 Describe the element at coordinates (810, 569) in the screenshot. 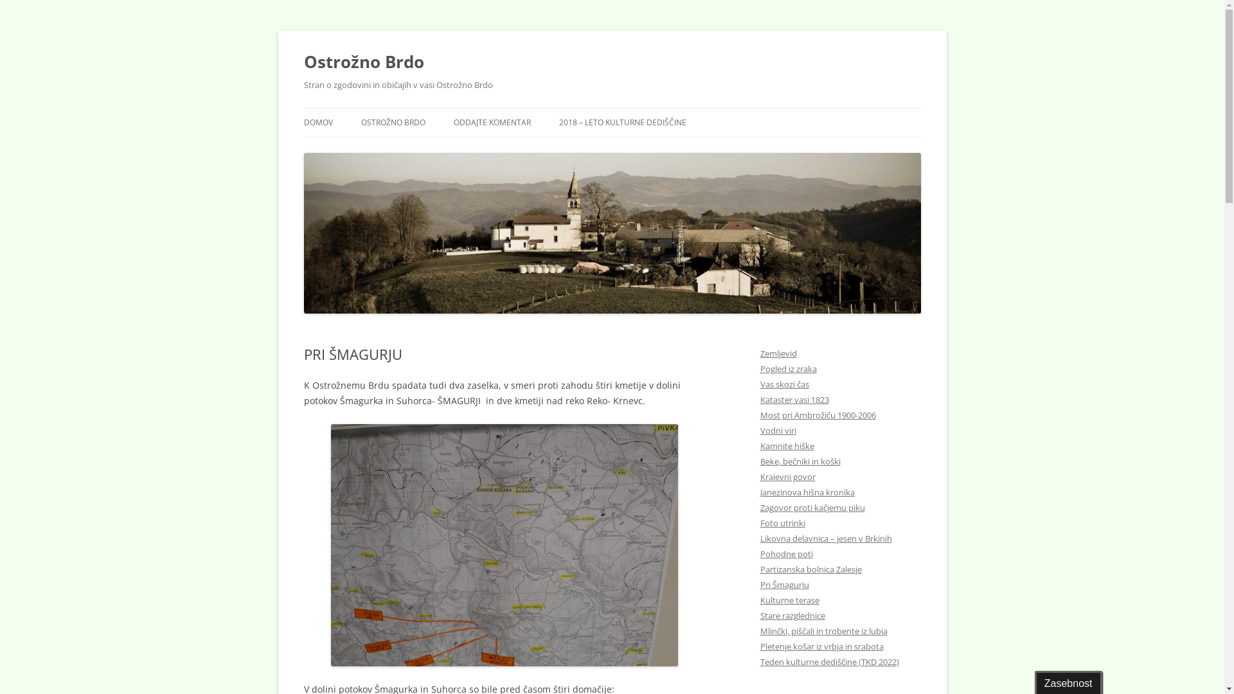

I see `'Partizanska bolnica Zalesje'` at that location.